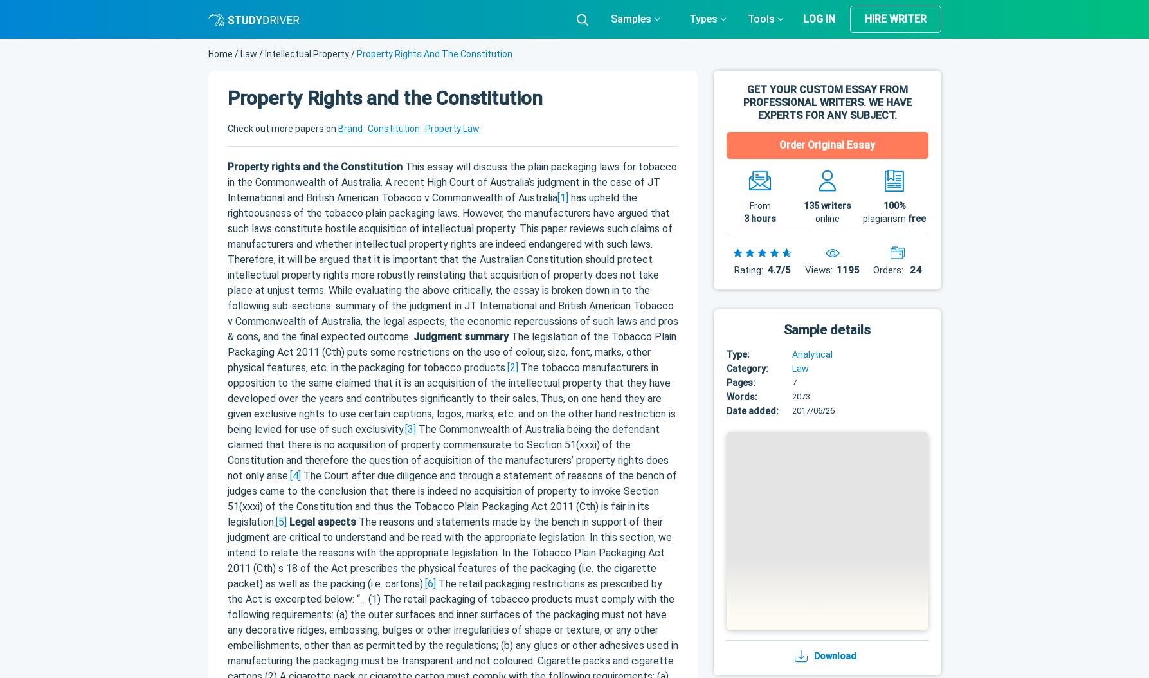 This screenshot has width=1149, height=678. Describe the element at coordinates (818, 18) in the screenshot. I see `'Log in'` at that location.